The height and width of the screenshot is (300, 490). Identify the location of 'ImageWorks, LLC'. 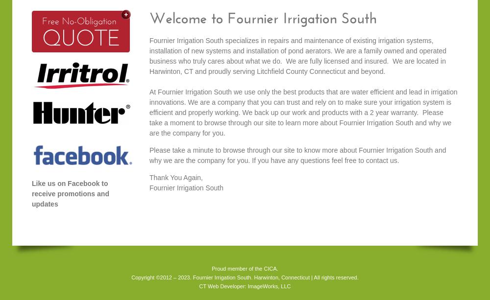
(246, 285).